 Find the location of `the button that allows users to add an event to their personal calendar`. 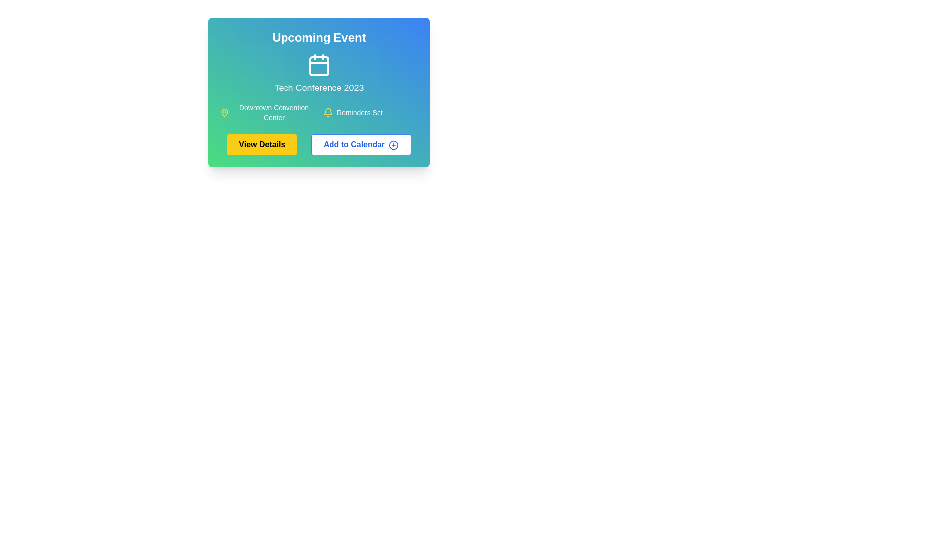

the button that allows users to add an event to their personal calendar is located at coordinates (360, 145).